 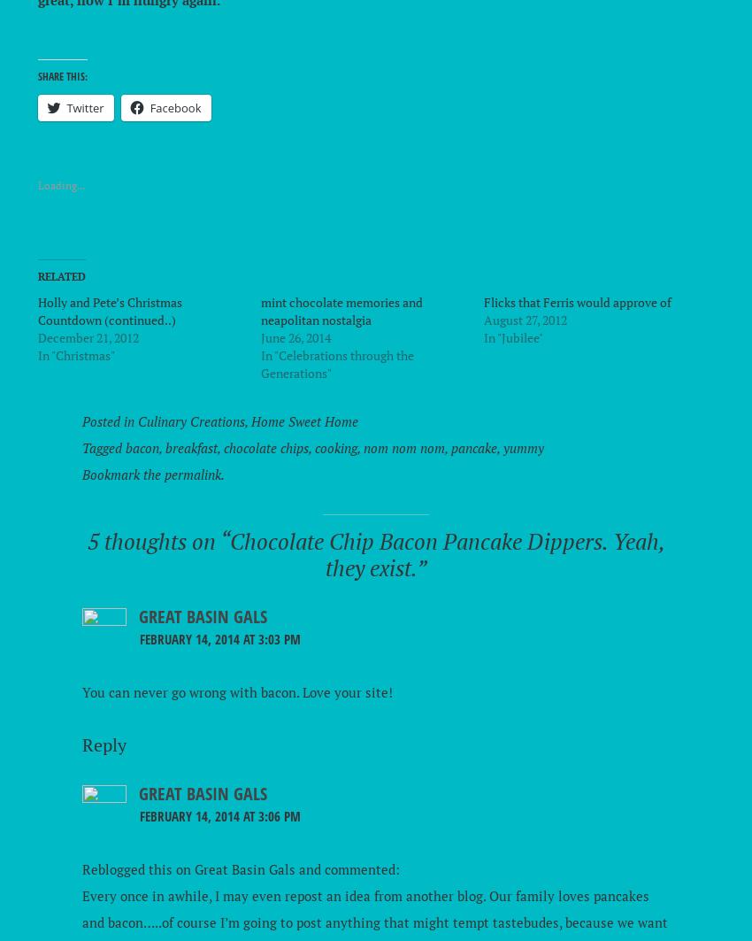 I want to click on 'Reblogged this on', so click(x=138, y=868).